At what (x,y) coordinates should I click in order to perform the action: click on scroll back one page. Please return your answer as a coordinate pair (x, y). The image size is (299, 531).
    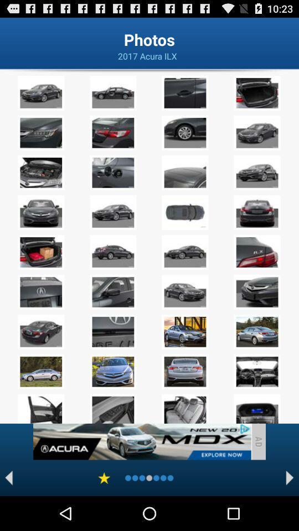
    Looking at the image, I should click on (8, 477).